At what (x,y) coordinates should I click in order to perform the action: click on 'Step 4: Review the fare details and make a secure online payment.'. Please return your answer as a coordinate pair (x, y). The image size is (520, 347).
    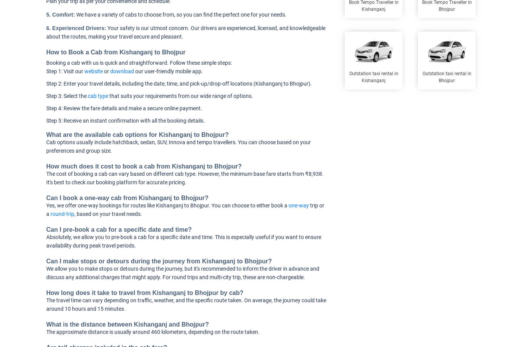
    Looking at the image, I should click on (46, 108).